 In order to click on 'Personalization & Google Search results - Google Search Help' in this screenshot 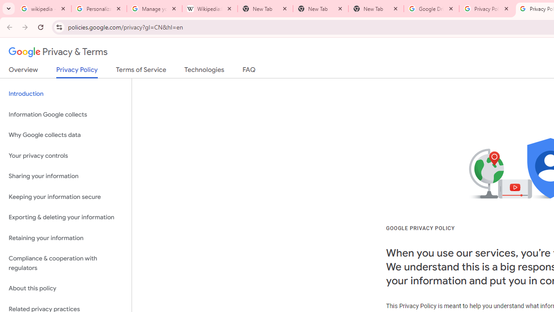, I will do `click(99, 9)`.